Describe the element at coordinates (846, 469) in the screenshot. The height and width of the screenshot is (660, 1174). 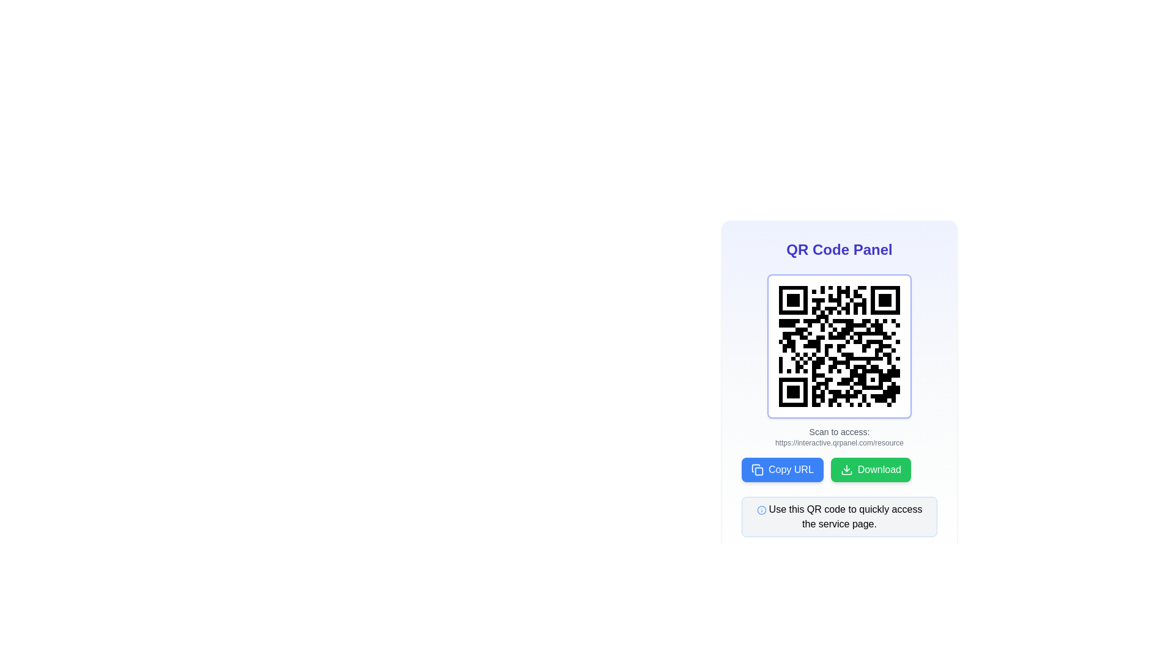
I see `the 'download' icon within the green rectangular 'Download' button located at the lower right part of the interface` at that location.